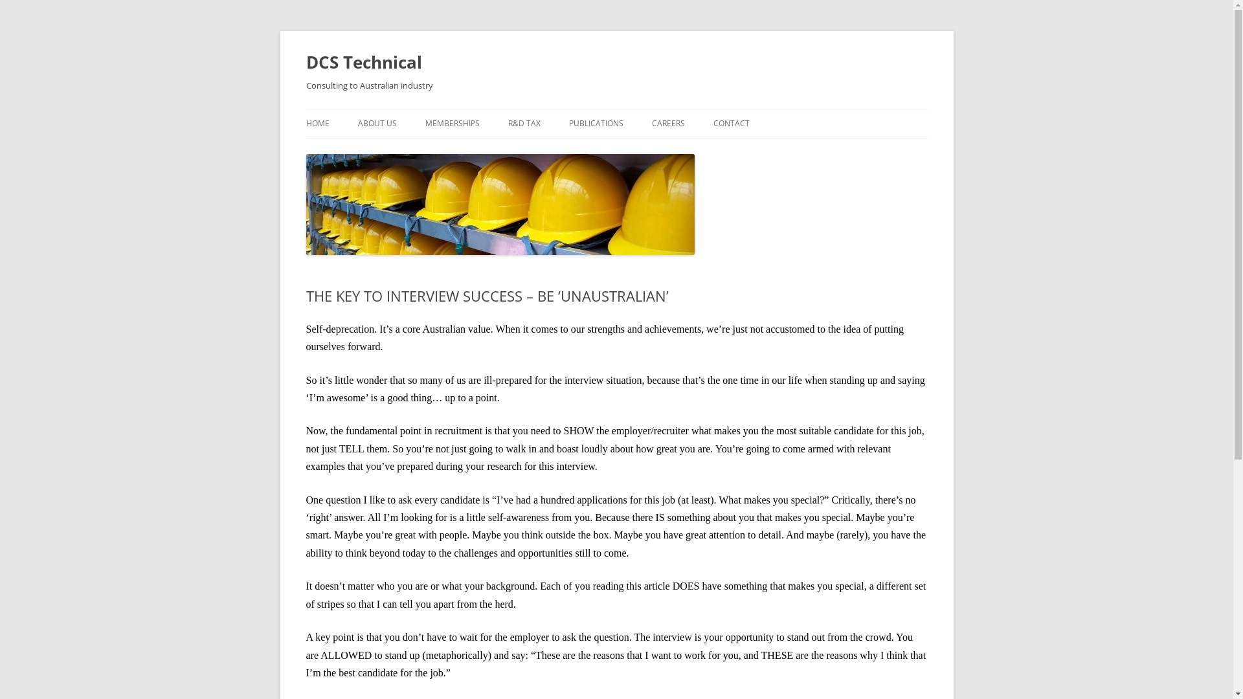  I want to click on 'HOME', so click(317, 124).